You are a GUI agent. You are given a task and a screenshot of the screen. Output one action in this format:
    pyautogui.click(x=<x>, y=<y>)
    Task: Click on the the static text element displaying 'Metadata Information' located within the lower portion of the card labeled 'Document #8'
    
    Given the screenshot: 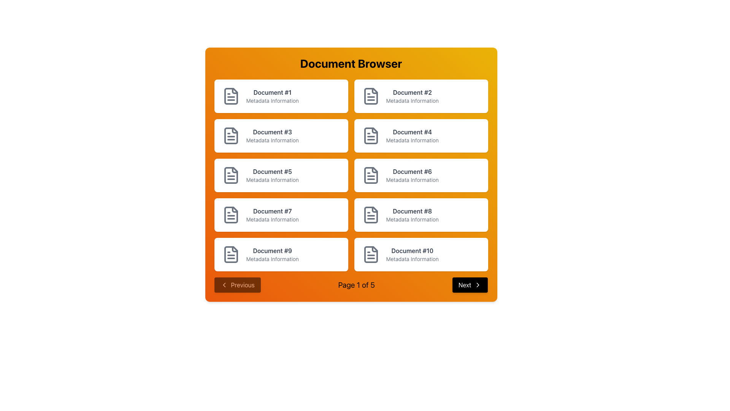 What is the action you would take?
    pyautogui.click(x=412, y=220)
    